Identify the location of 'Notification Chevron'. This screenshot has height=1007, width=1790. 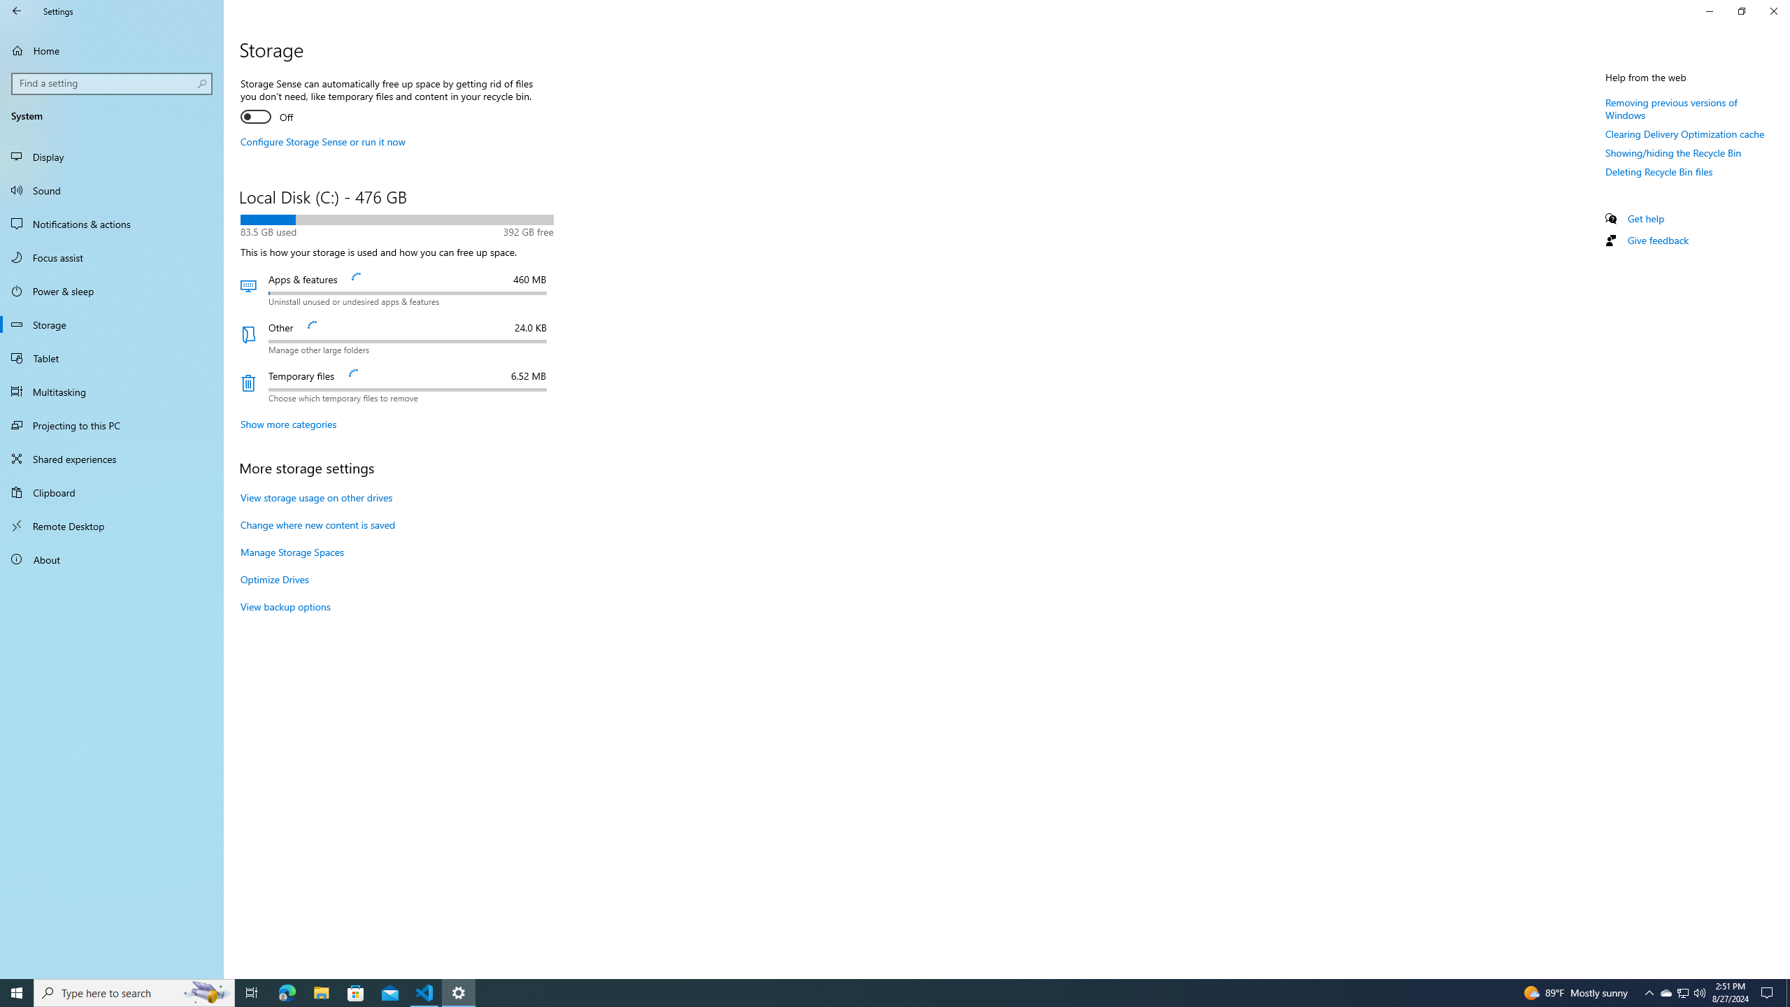
(1649, 992).